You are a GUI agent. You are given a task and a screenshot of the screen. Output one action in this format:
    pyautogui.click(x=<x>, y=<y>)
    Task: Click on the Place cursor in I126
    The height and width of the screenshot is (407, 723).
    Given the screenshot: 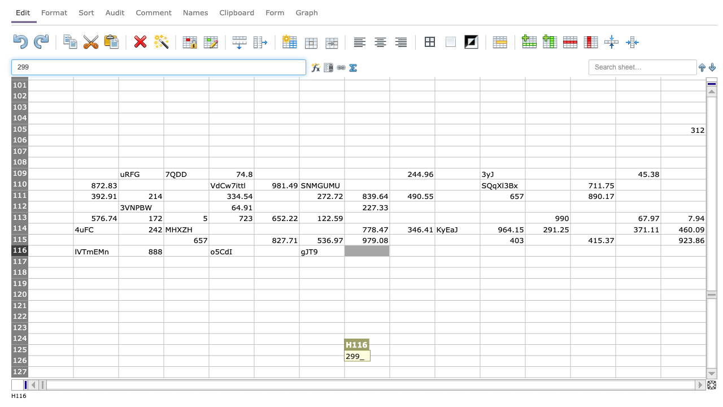 What is the action you would take?
    pyautogui.click(x=411, y=361)
    